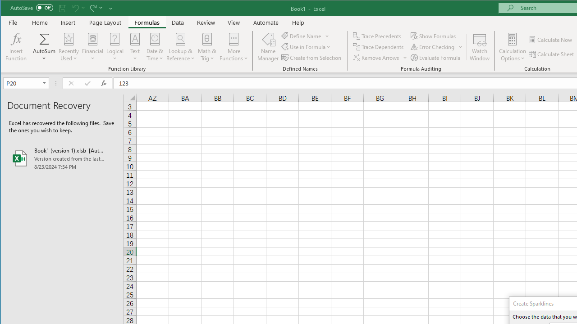  What do you see at coordinates (380, 58) in the screenshot?
I see `'Remove Arrows'` at bounding box center [380, 58].